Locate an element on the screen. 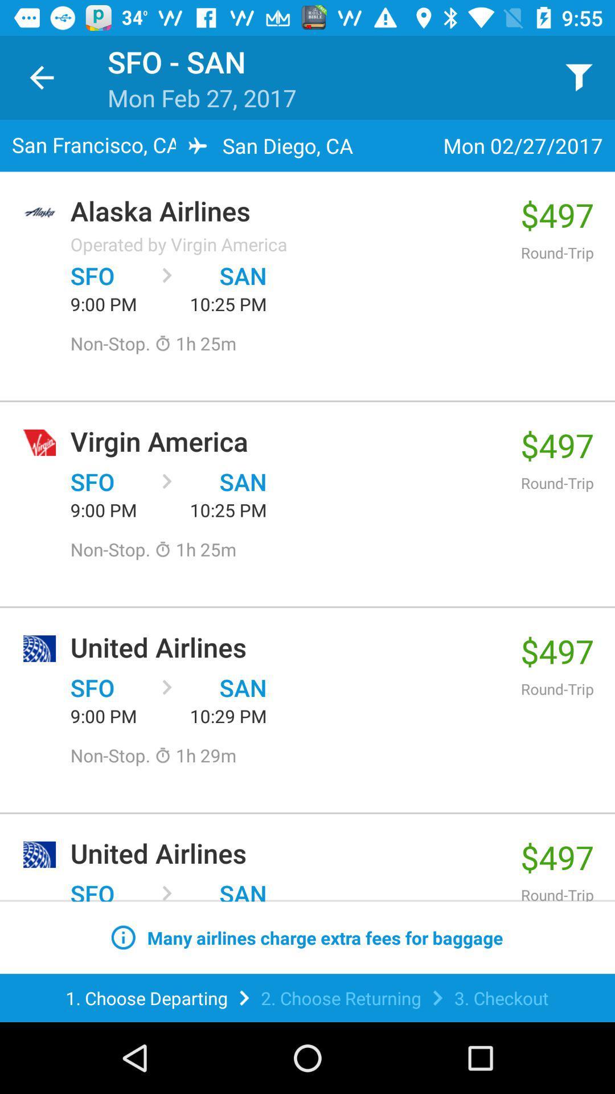 The height and width of the screenshot is (1094, 615). the item above sfo item is located at coordinates (179, 243).